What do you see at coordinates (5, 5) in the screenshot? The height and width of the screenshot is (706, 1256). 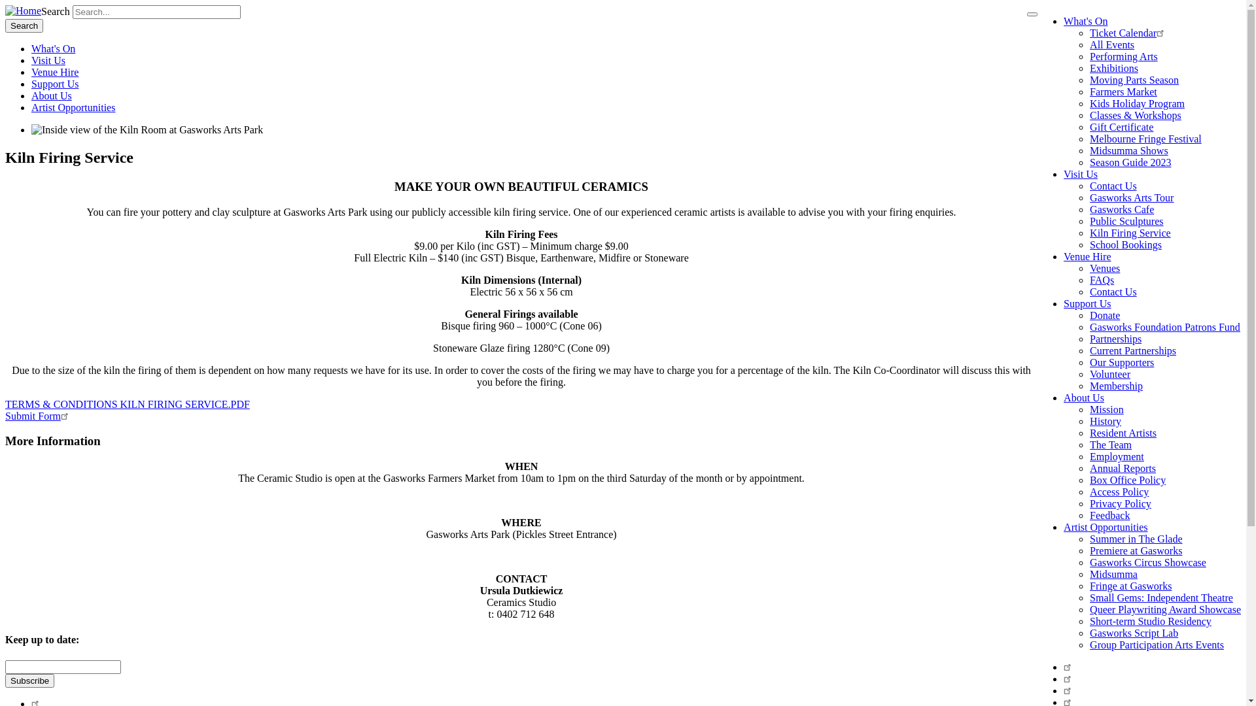 I see `'Skip to main content'` at bounding box center [5, 5].